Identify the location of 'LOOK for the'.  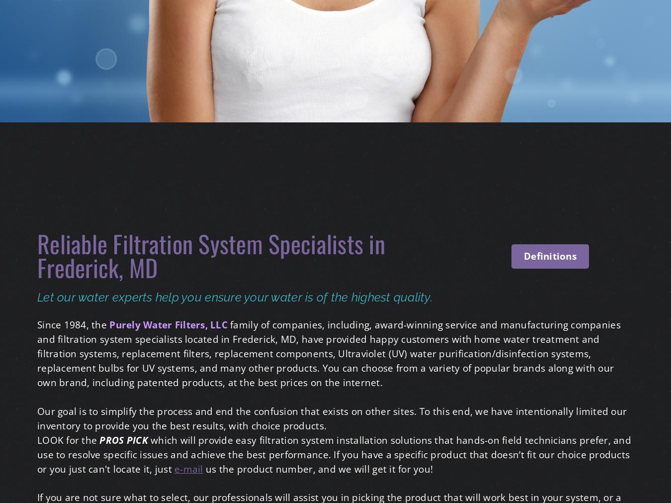
(68, 439).